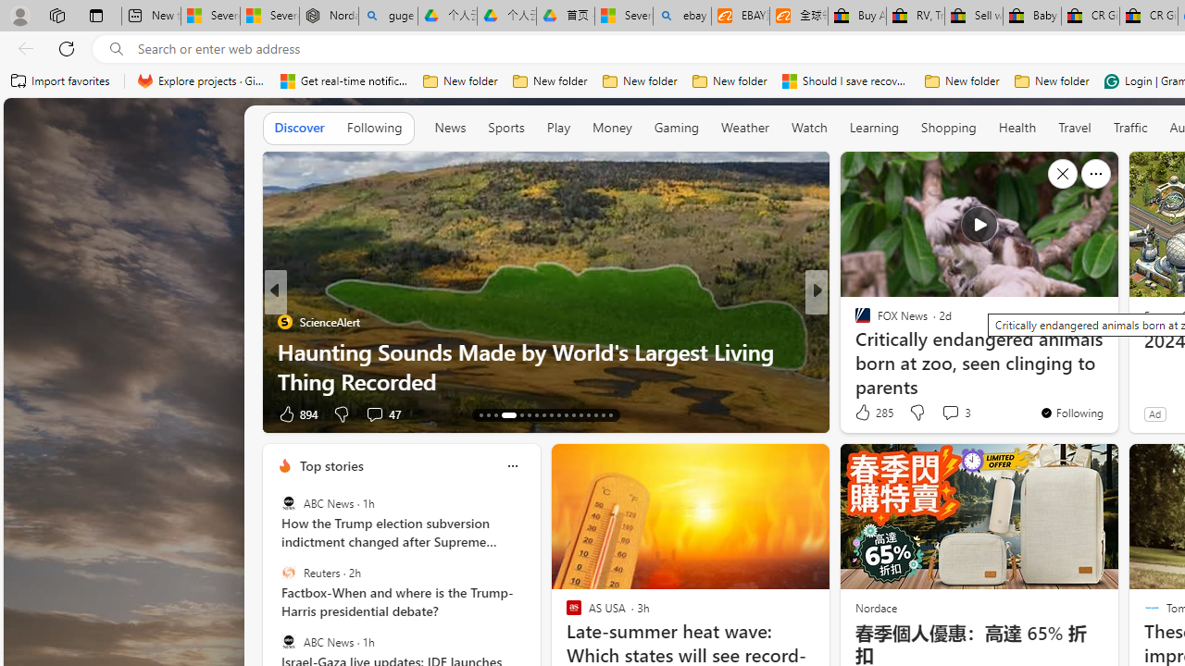 This screenshot has height=666, width=1185. What do you see at coordinates (854, 320) in the screenshot?
I see `'For The Win'` at bounding box center [854, 320].